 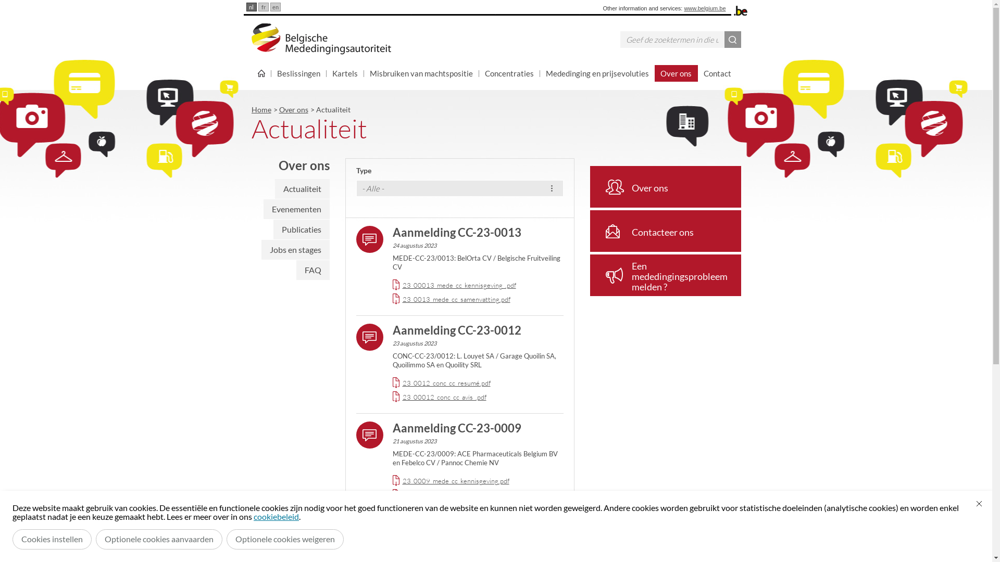 What do you see at coordinates (664, 274) in the screenshot?
I see `'Een mededingingsprobleem melden ?'` at bounding box center [664, 274].